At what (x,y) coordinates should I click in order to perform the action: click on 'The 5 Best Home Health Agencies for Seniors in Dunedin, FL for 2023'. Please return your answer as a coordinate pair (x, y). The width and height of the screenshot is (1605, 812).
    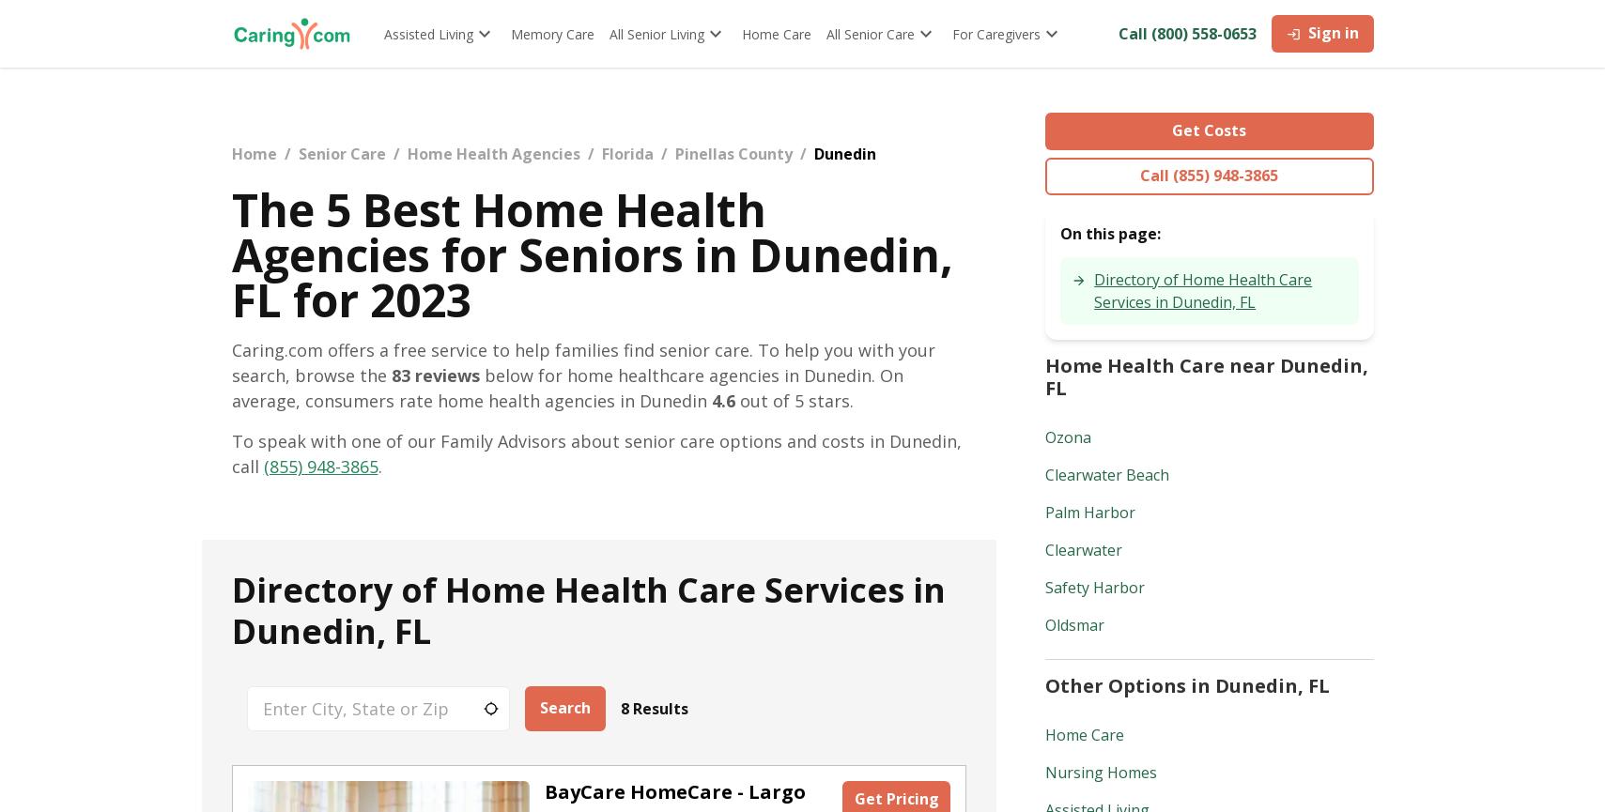
    Looking at the image, I should click on (590, 253).